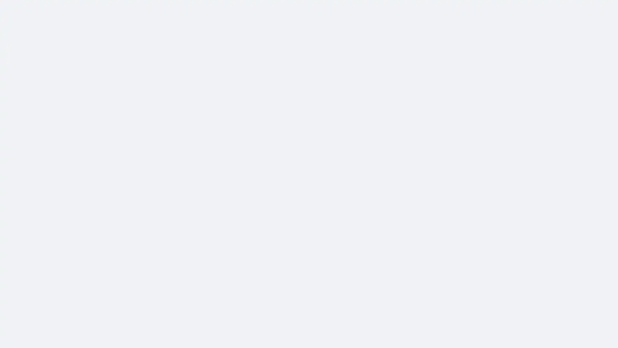 This screenshot has height=348, width=618. What do you see at coordinates (259, 334) in the screenshot?
I see `Alles weergeven` at bounding box center [259, 334].